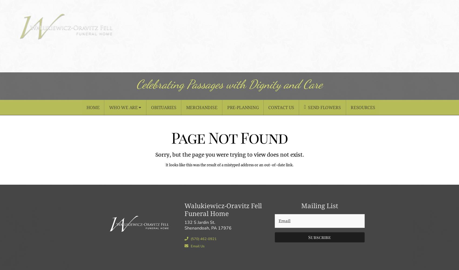  I want to click on 'PA', so click(214, 228).